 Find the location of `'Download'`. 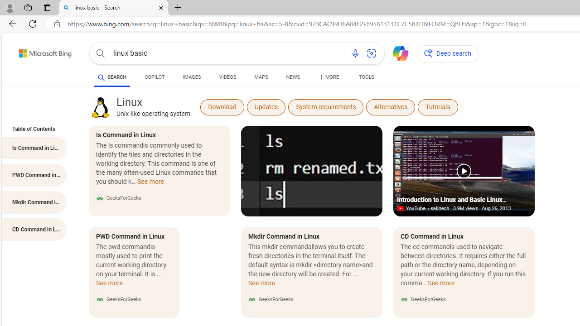

'Download' is located at coordinates (222, 106).